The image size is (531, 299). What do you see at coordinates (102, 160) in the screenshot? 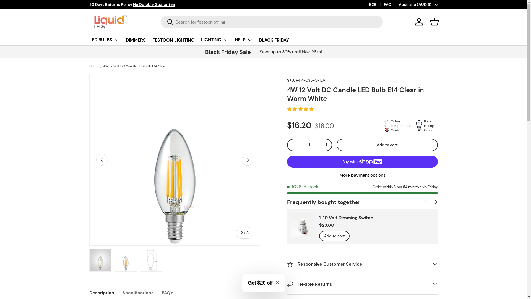
I see `'Previous'` at bounding box center [102, 160].